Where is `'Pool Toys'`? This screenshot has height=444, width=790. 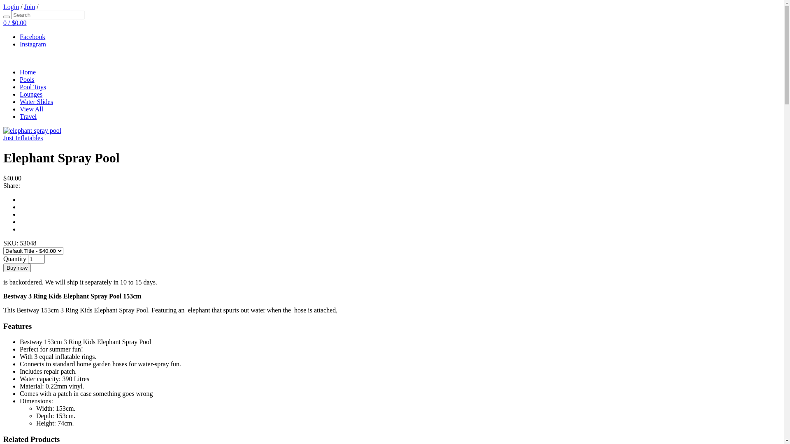
'Pool Toys' is located at coordinates (20, 87).